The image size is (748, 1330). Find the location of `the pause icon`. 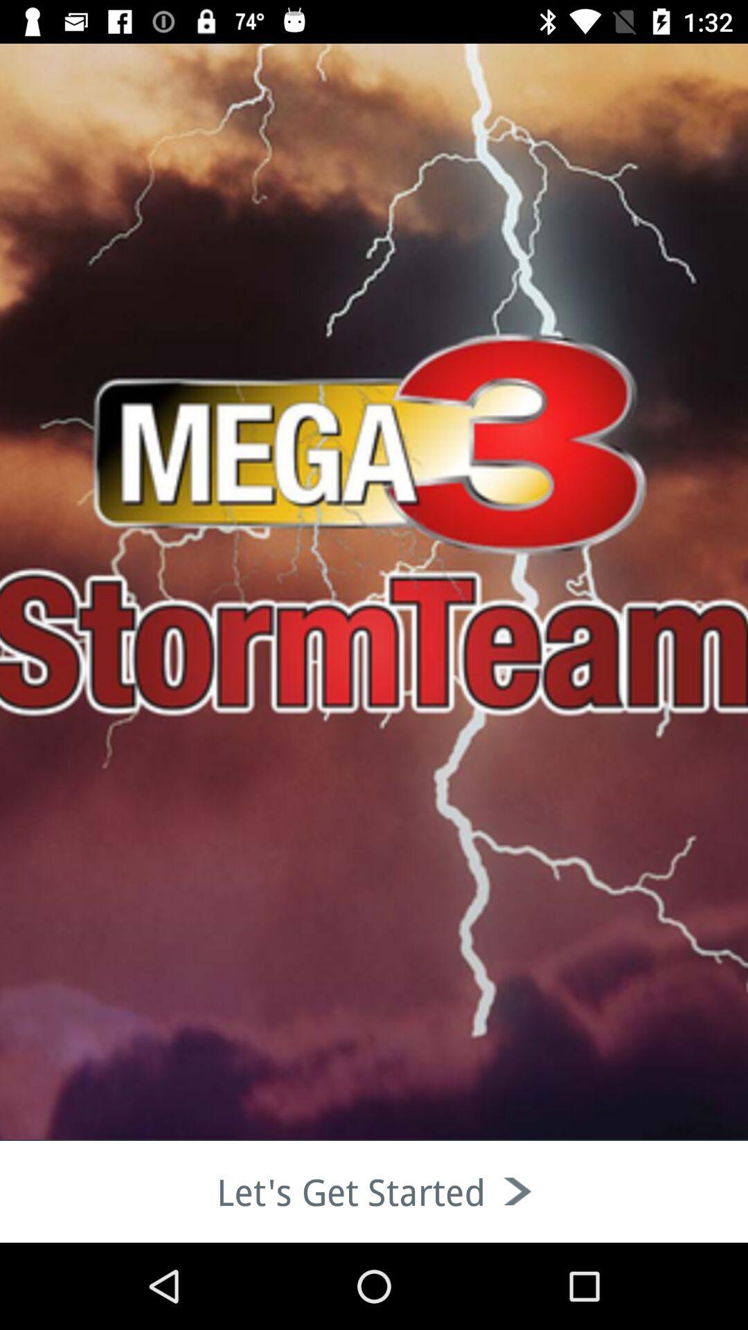

the pause icon is located at coordinates (91, 166).